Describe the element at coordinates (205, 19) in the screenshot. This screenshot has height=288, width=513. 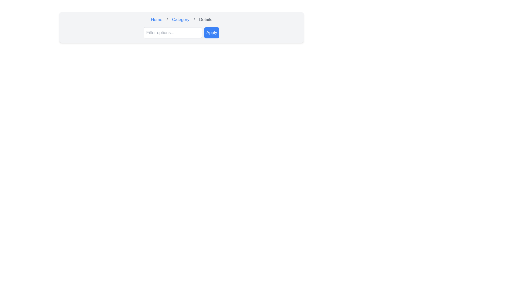
I see `the static text label 'Details' in the breadcrumb navigation bar, which is styled with gray text (text-gray-600) and positioned as the last item in the navigation sequence` at that location.